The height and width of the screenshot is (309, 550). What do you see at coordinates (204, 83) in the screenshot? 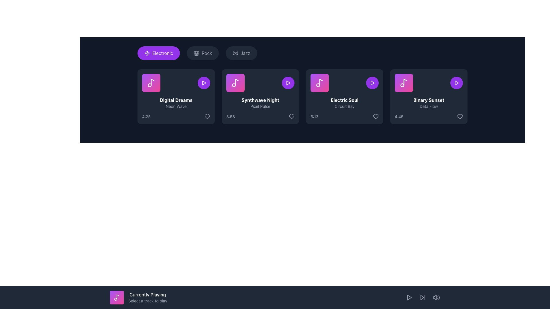
I see `the circular button with a purple background and white play icon` at bounding box center [204, 83].